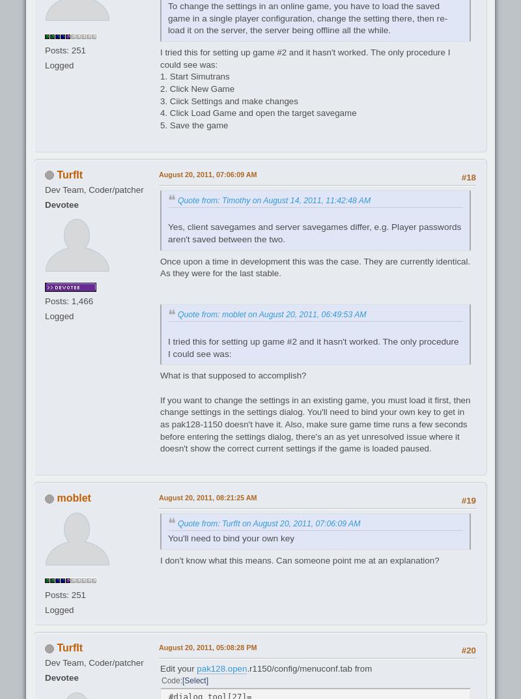 The height and width of the screenshot is (699, 521). Describe the element at coordinates (272, 313) in the screenshot. I see `'Quote from: moblet on August 20, 2011, 06:49:53 AM'` at that location.